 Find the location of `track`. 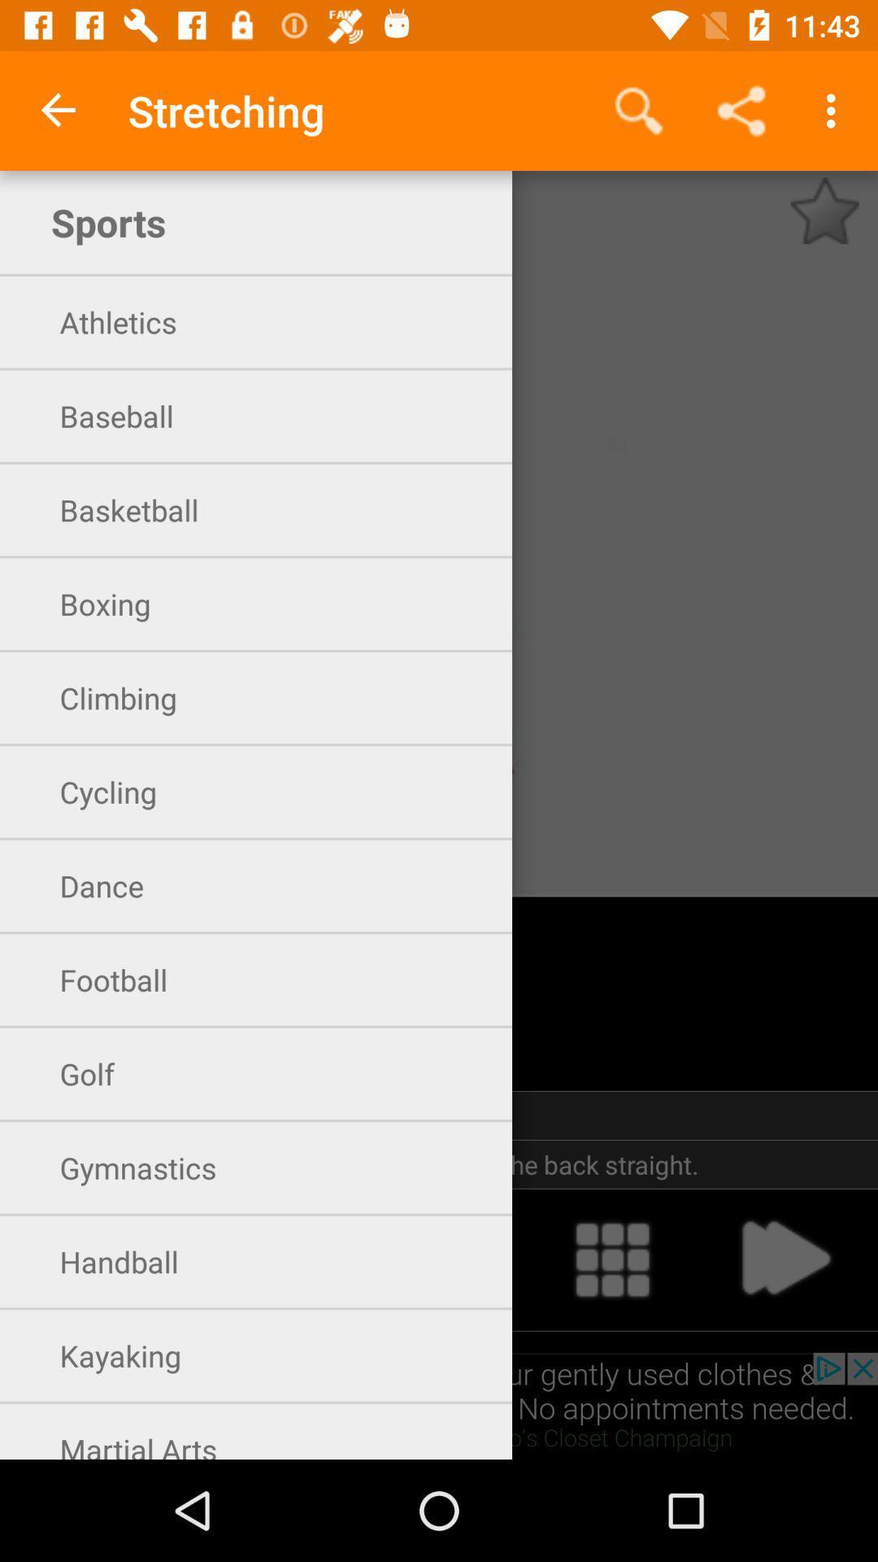

track is located at coordinates (612, 1259).